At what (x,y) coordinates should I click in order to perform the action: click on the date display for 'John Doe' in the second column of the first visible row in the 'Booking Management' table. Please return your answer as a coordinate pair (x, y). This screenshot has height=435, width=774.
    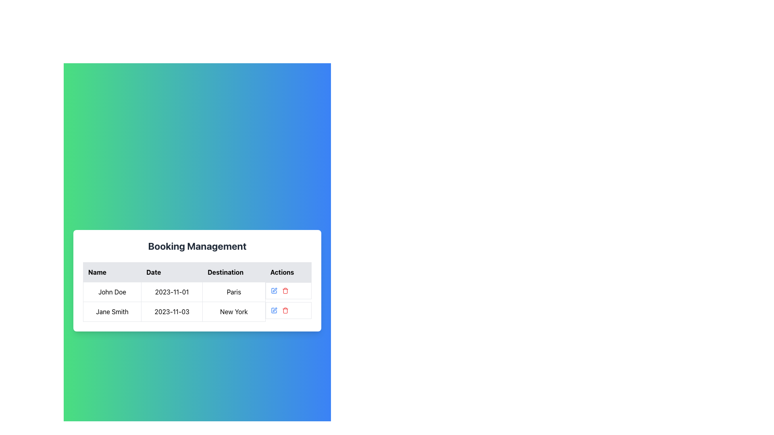
    Looking at the image, I should click on (171, 292).